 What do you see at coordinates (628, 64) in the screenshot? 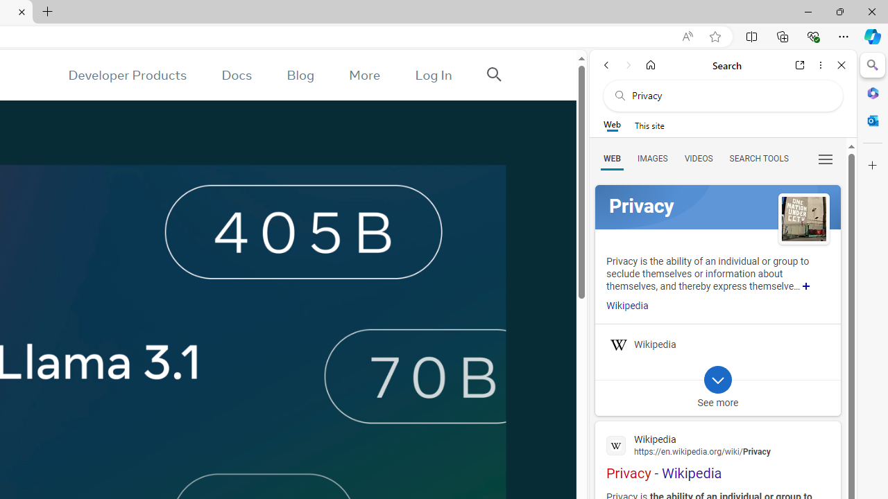
I see `'Forward'` at bounding box center [628, 64].